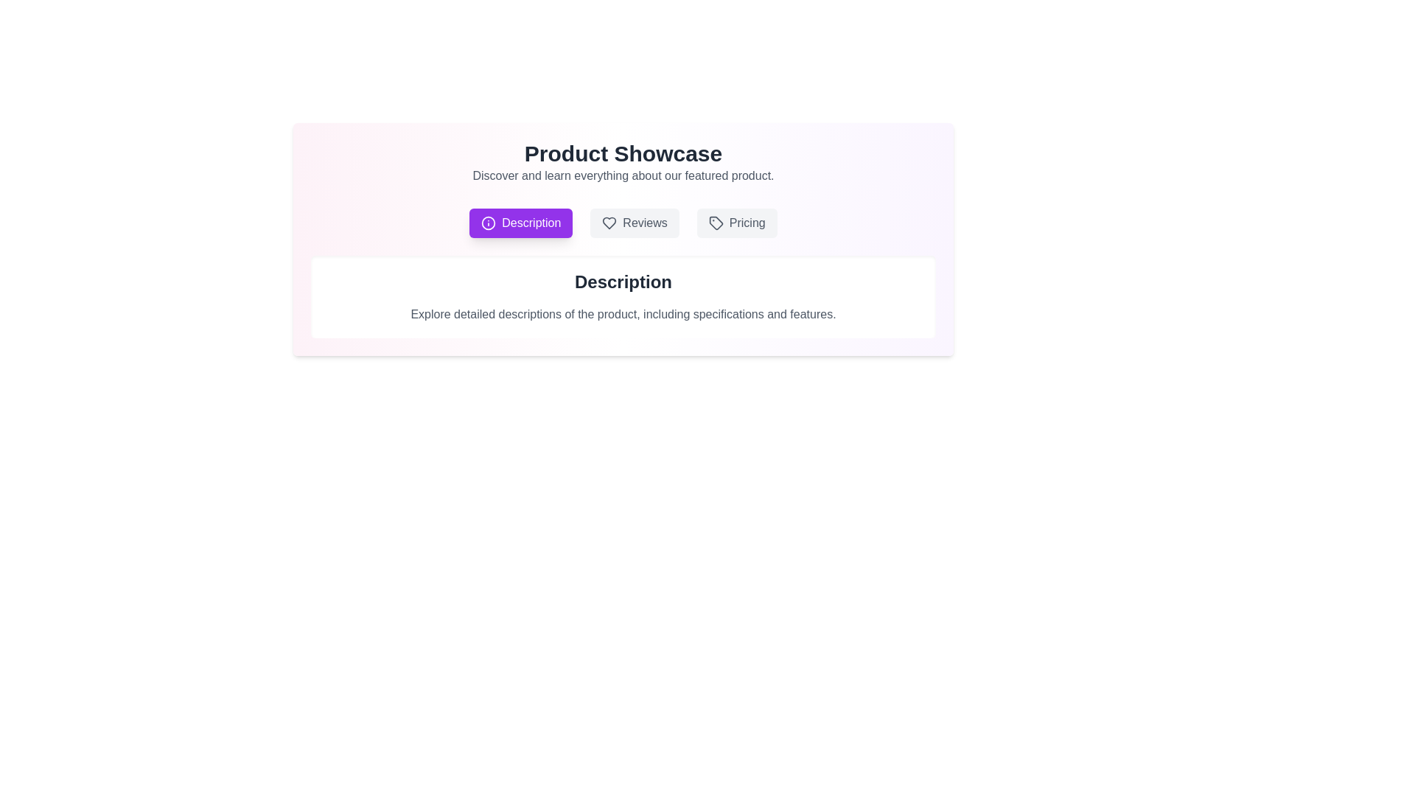 The height and width of the screenshot is (796, 1415). What do you see at coordinates (635, 223) in the screenshot?
I see `the tab labeled Reviews to observe the hover effect` at bounding box center [635, 223].